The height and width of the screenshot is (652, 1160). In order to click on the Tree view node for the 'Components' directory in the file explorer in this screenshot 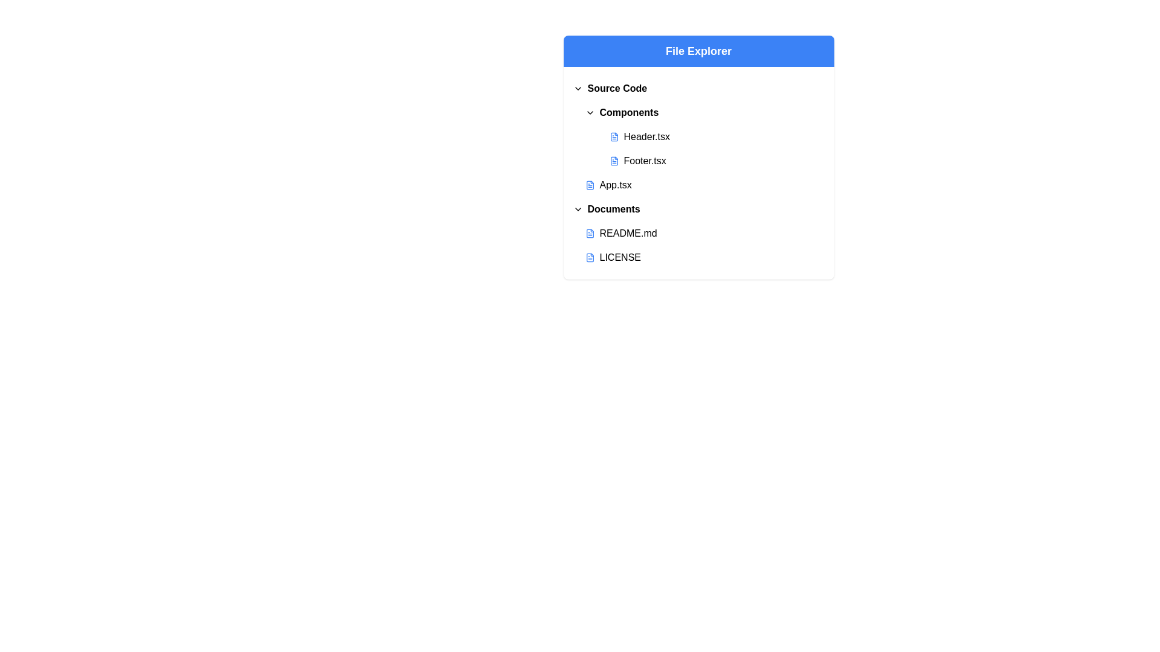, I will do `click(698, 136)`.